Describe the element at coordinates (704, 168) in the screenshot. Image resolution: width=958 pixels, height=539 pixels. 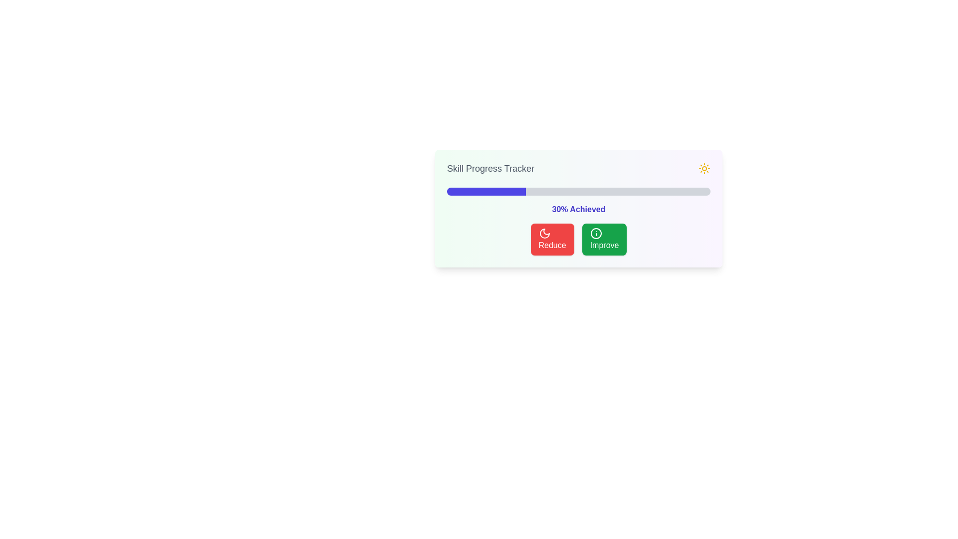
I see `the sun icon located on the far right side of the header section titled 'Skill Progress Tracker'. This icon features a circular core with radiating lines and is styled in yellowish color` at that location.